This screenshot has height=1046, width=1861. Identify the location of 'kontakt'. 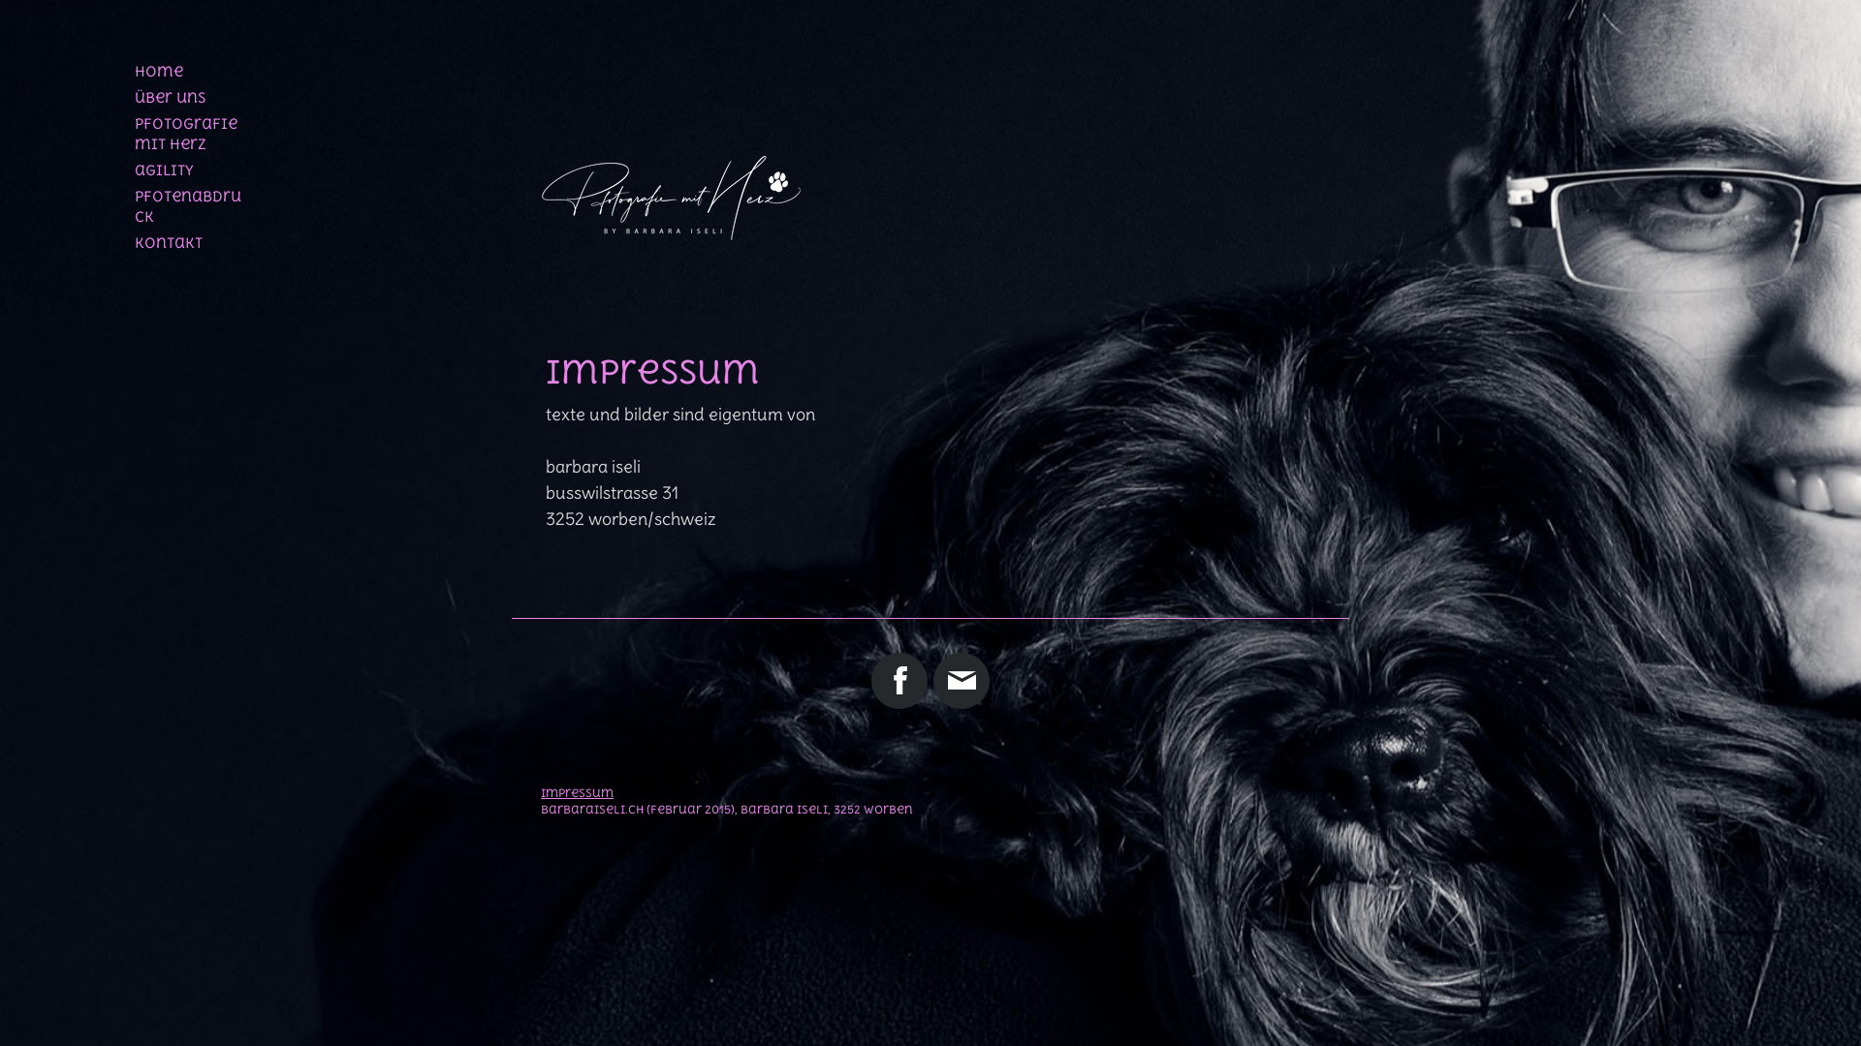
(190, 241).